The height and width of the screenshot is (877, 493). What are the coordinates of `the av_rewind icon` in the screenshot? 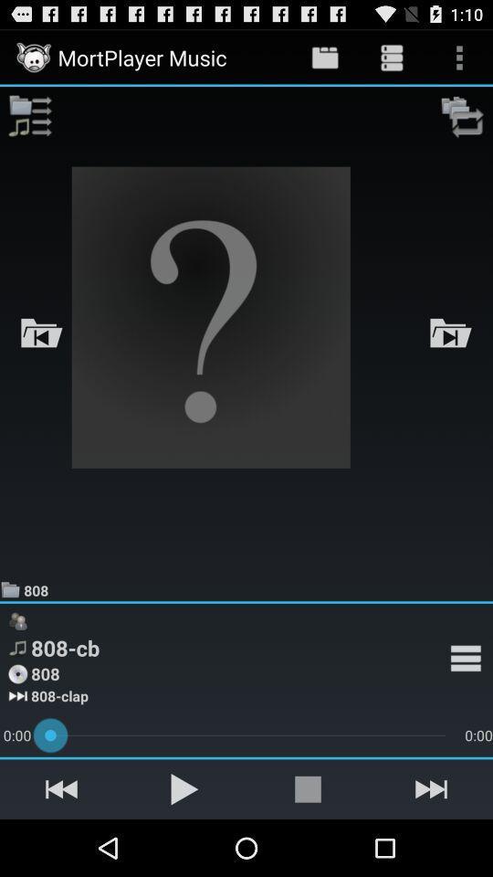 It's located at (61, 844).